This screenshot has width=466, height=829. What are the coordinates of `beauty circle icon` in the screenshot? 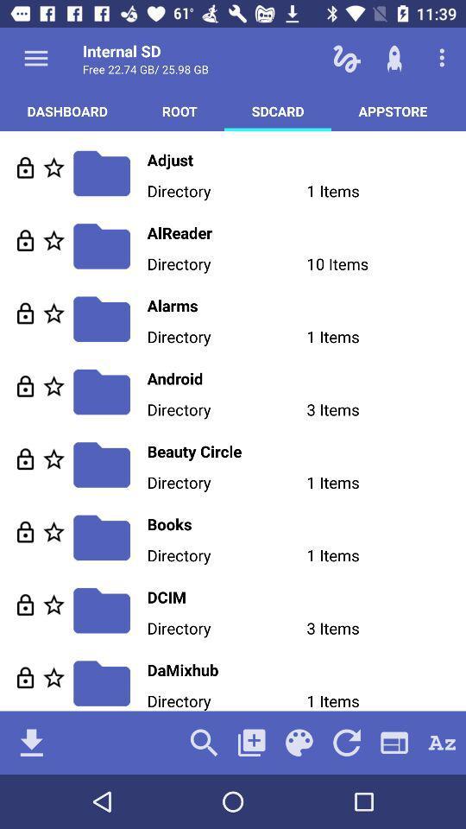 It's located at (305, 450).